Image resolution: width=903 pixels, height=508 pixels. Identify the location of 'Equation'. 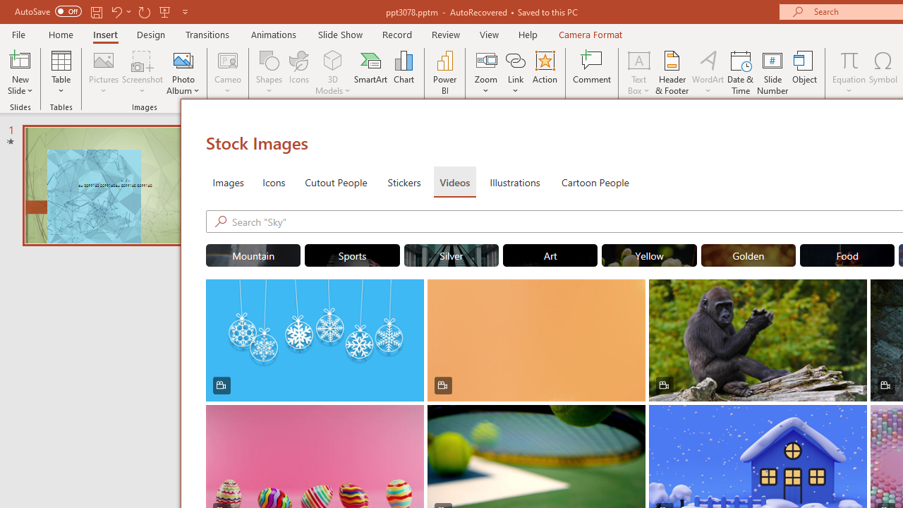
(848, 73).